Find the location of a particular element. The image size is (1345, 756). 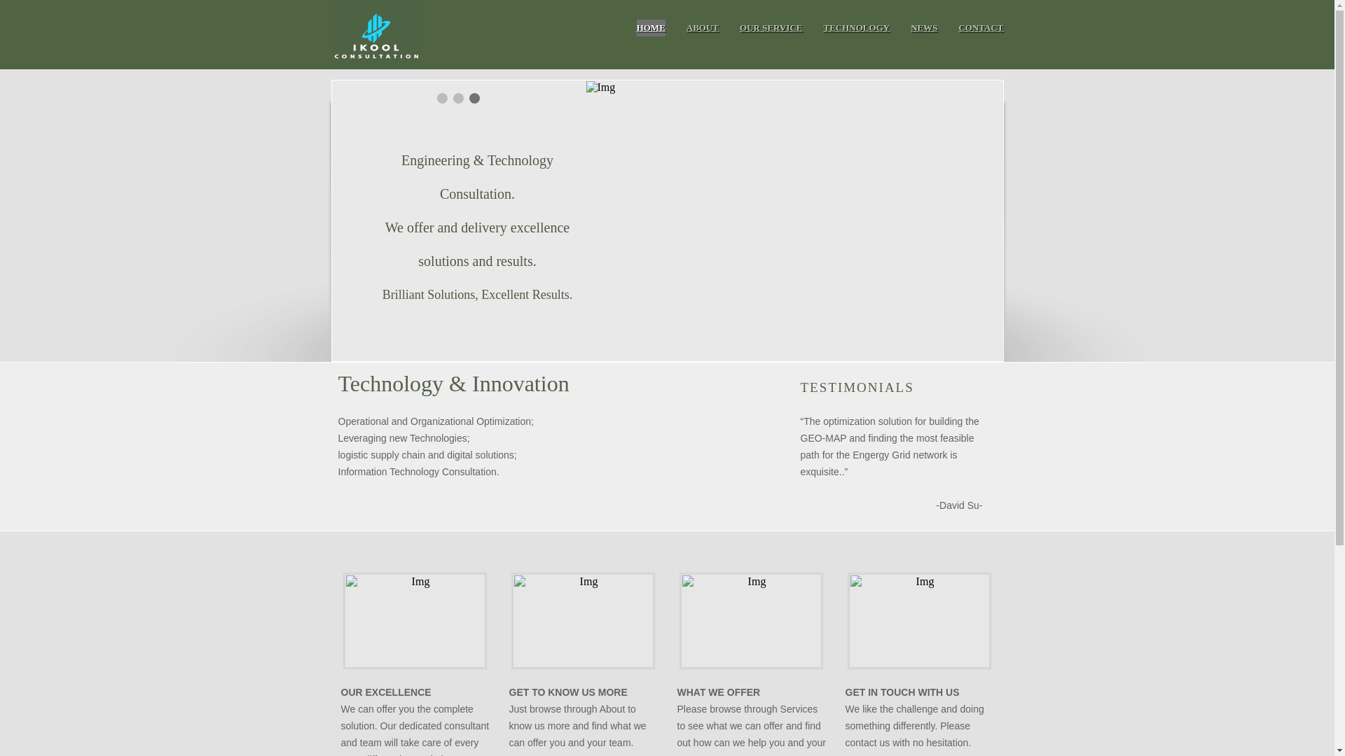

'NEWS' is located at coordinates (924, 27).